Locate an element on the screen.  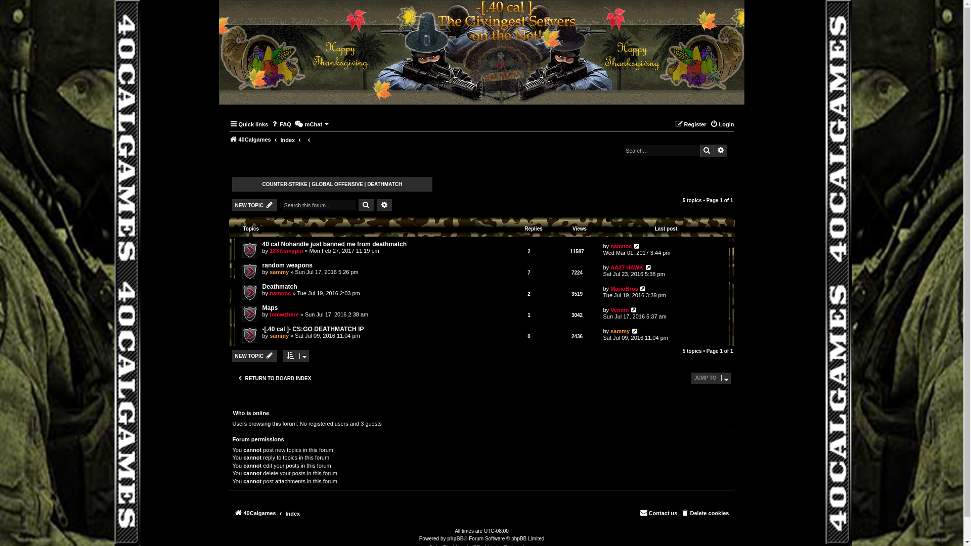
'Quick links' is located at coordinates (249, 124).